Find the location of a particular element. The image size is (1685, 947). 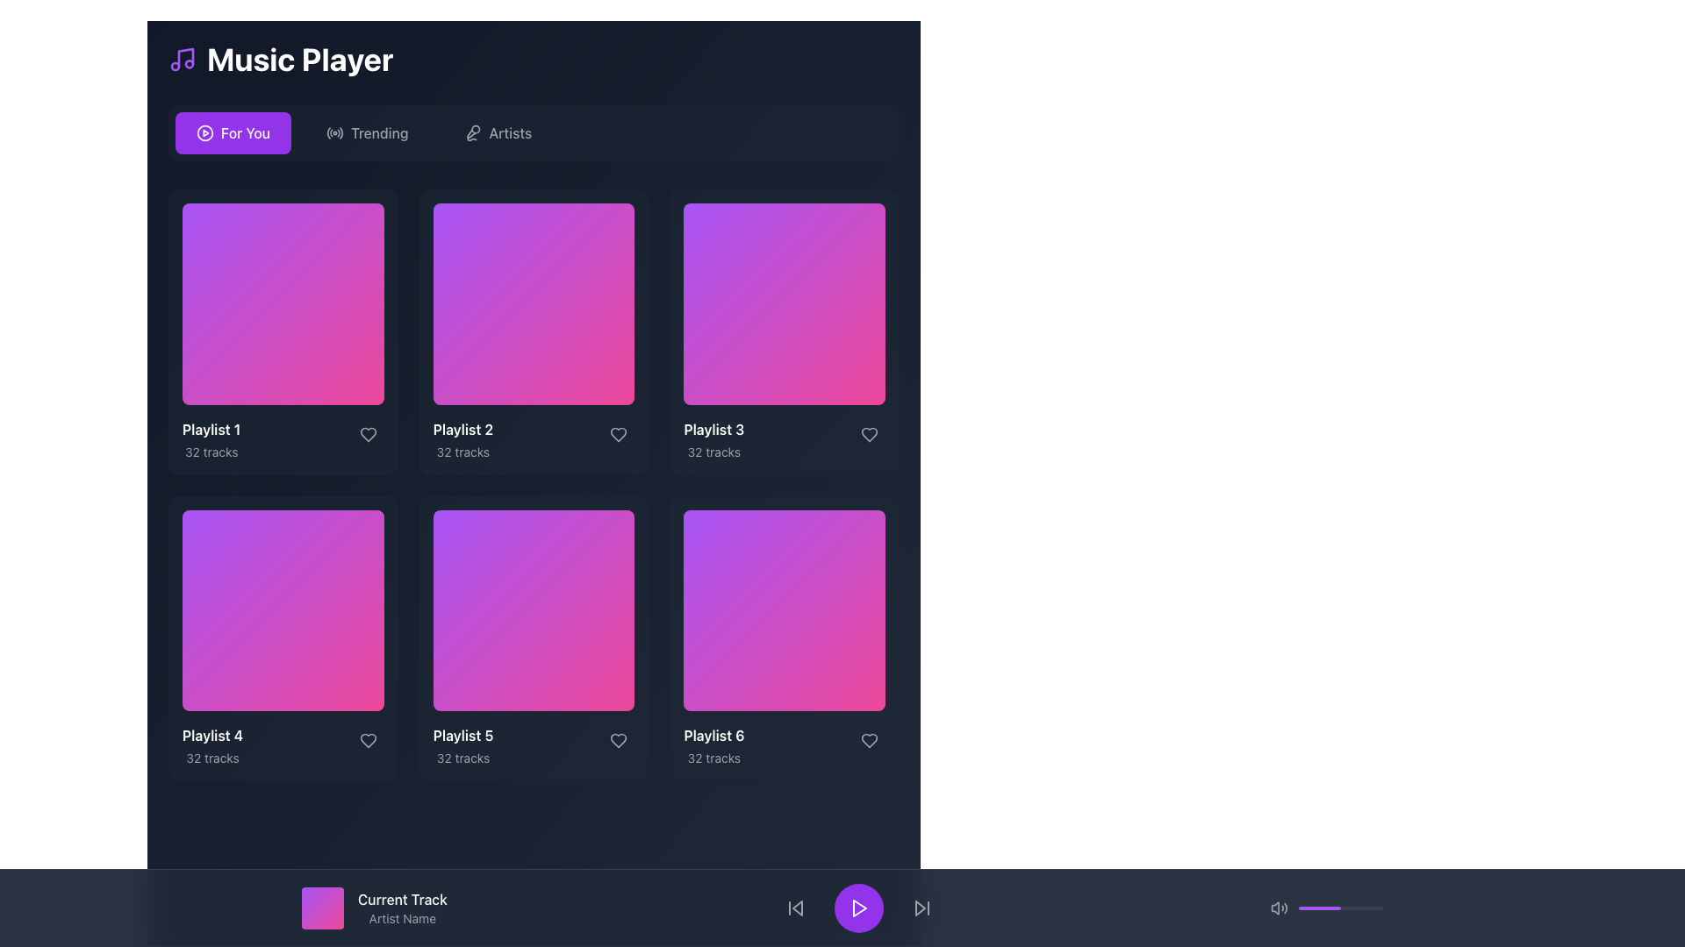

the text block displaying 'Playlist 3' with a bold white heading and a smaller gray subheading, located in the center-right section of the playlist grid, specifically in the third tile from the left on the second row is located at coordinates (713, 438).